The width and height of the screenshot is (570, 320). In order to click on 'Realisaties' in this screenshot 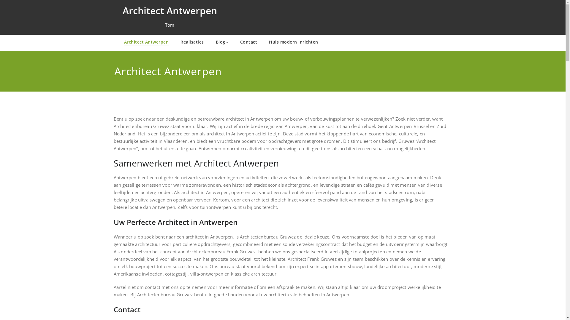, I will do `click(174, 42)`.